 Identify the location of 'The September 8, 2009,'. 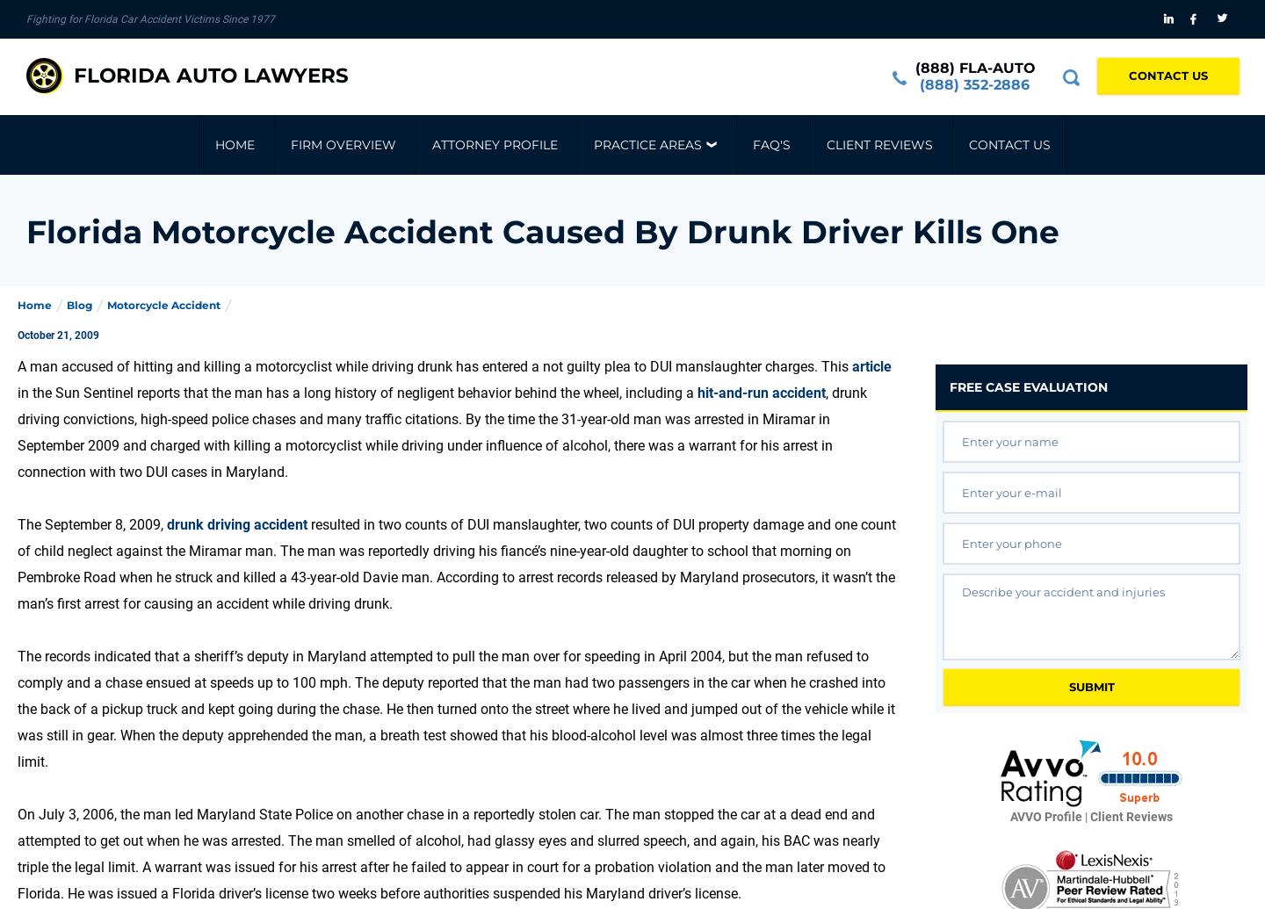
(17, 523).